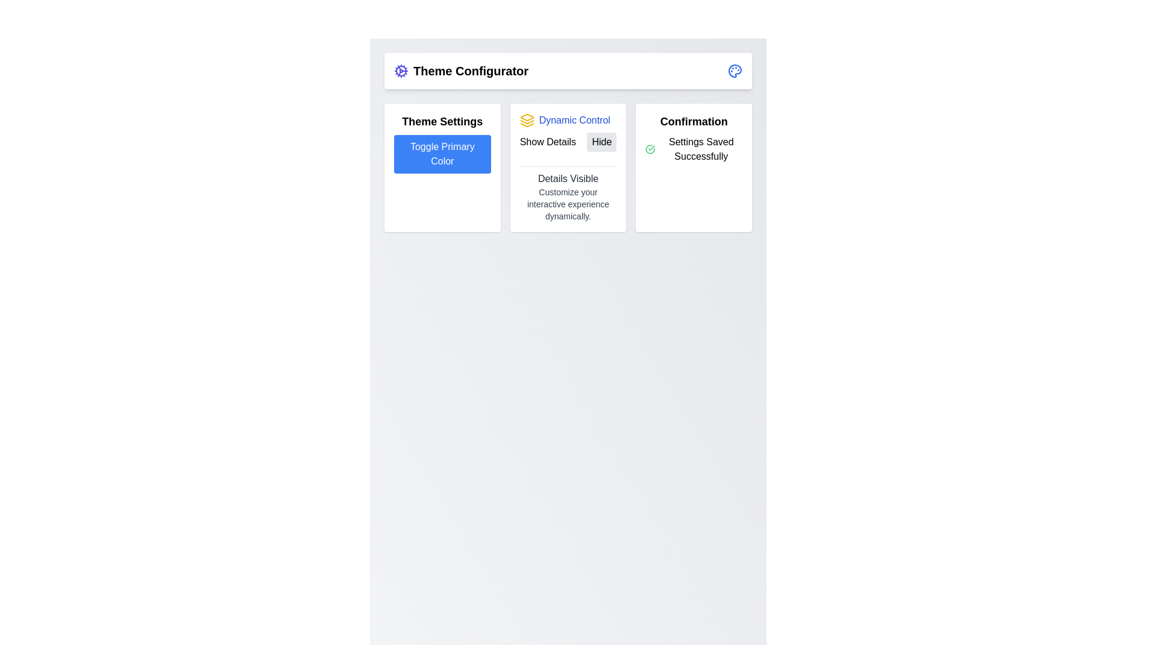 This screenshot has width=1157, height=651. What do you see at coordinates (527, 122) in the screenshot?
I see `the graphic line segment, which is a yellowish polyline forming part of a stacked layer icon, located centrally in the 'Dynamic Control' section above the 'Show Details' and 'Hide' buttons` at bounding box center [527, 122].